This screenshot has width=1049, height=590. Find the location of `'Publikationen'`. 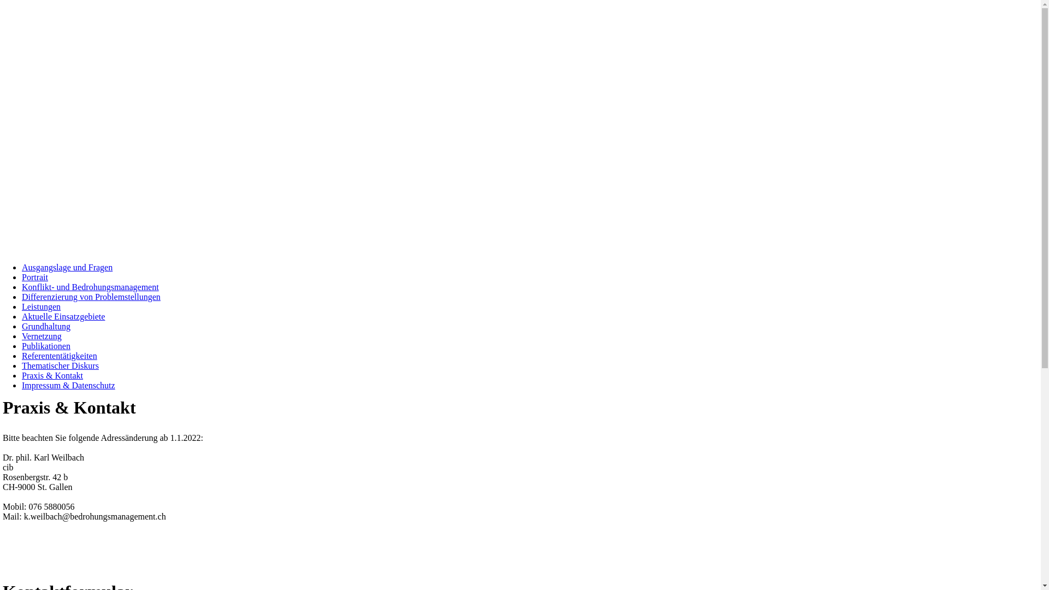

'Publikationen' is located at coordinates (45, 346).